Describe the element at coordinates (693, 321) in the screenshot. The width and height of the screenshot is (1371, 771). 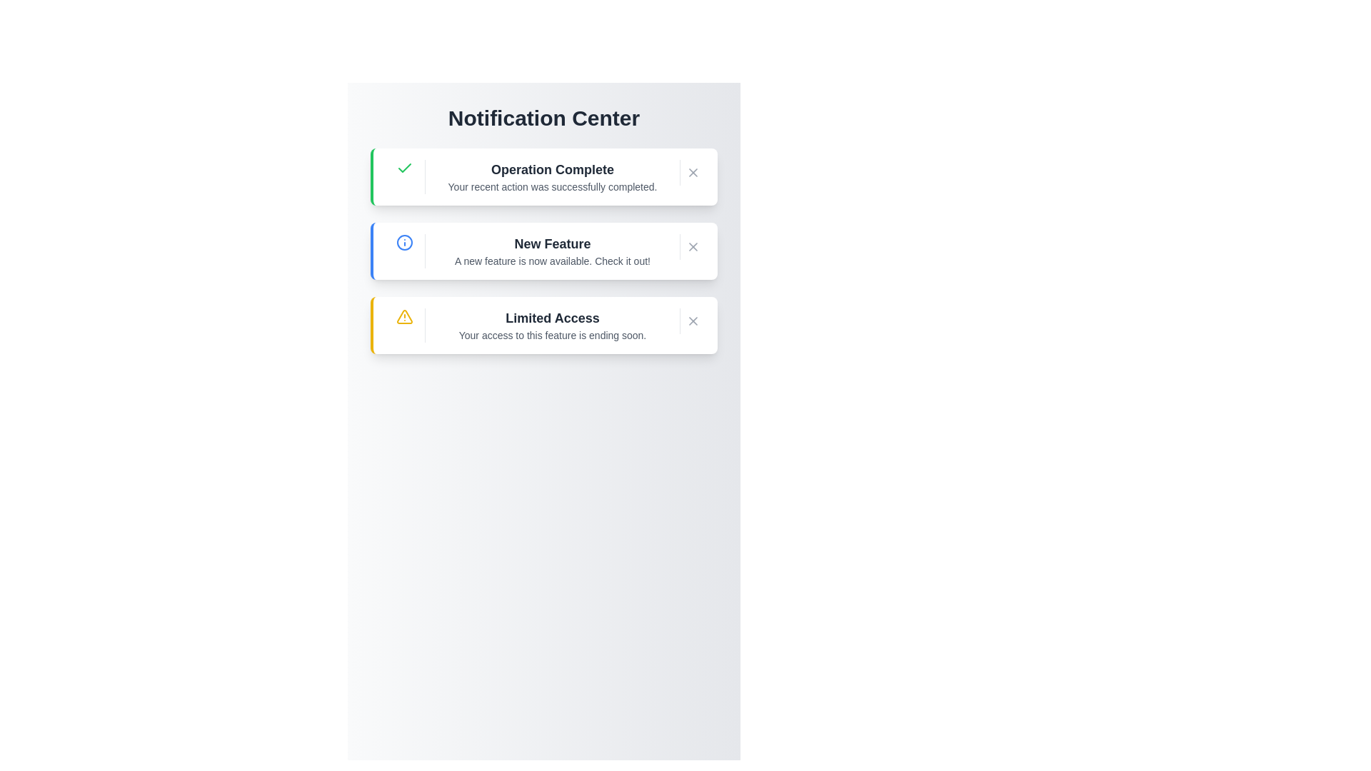
I see `the circular close button with an 'X' icon located at the top-right corner of the notification card that says 'Limited Access'` at that location.